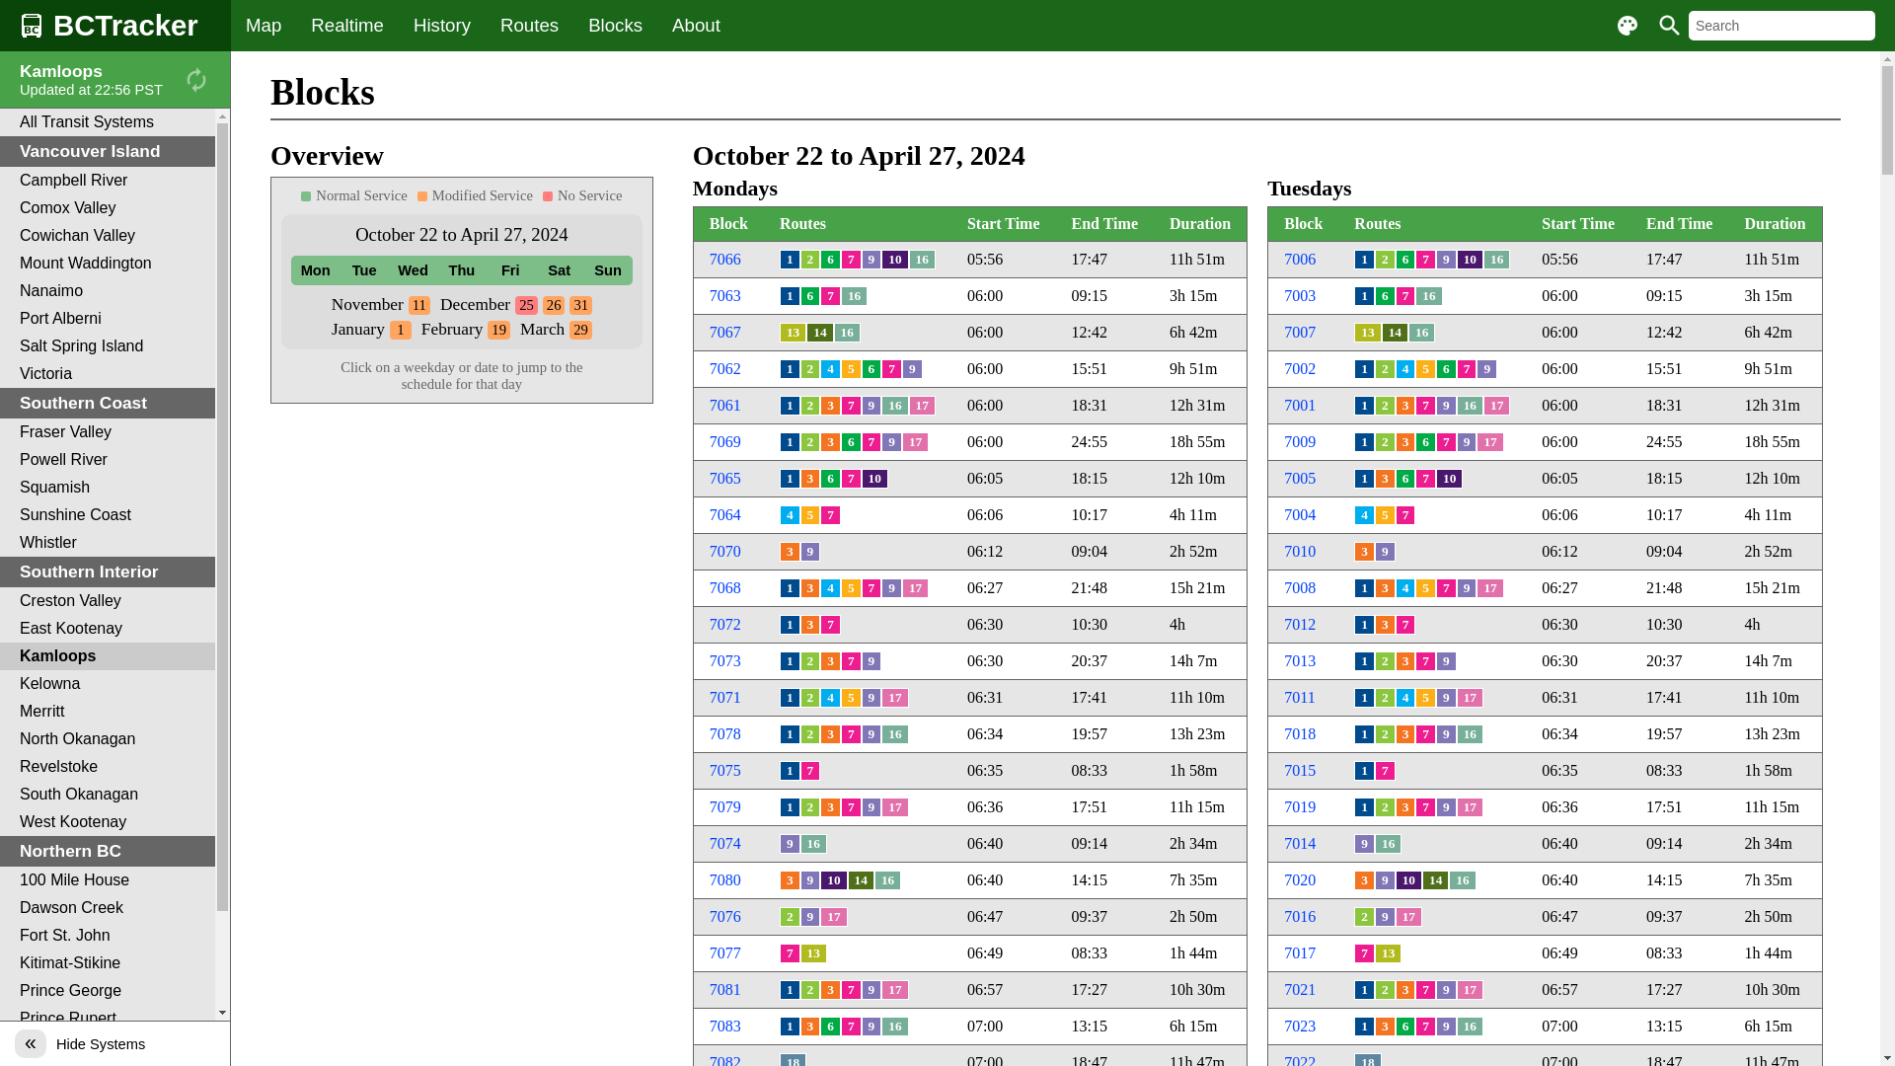  Describe the element at coordinates (107, 935) in the screenshot. I see `'Fort St. John'` at that location.